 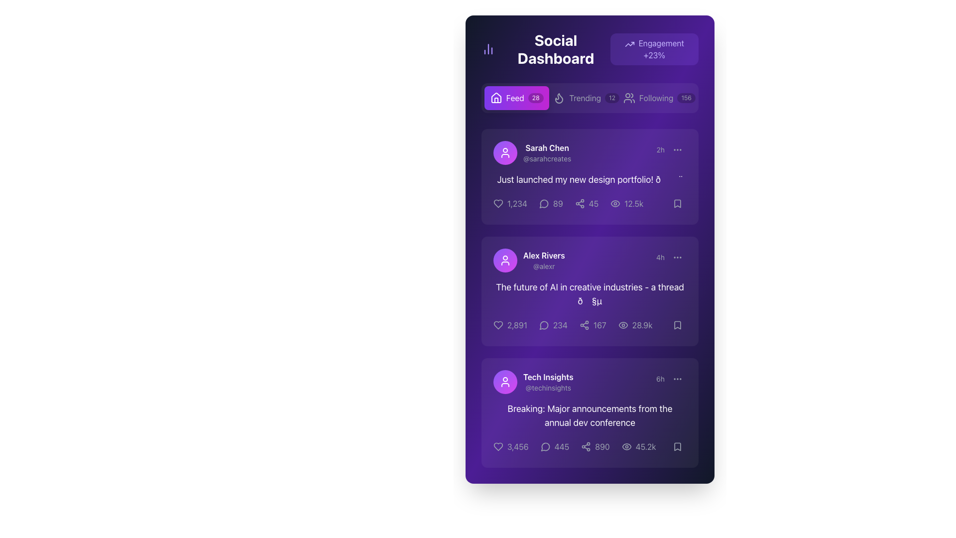 I want to click on the share icon in the Interactive engagement metric display, which features a light-colored share icon and the numerical value '45' on a purple background, located centrally within the first post card, so click(x=587, y=203).